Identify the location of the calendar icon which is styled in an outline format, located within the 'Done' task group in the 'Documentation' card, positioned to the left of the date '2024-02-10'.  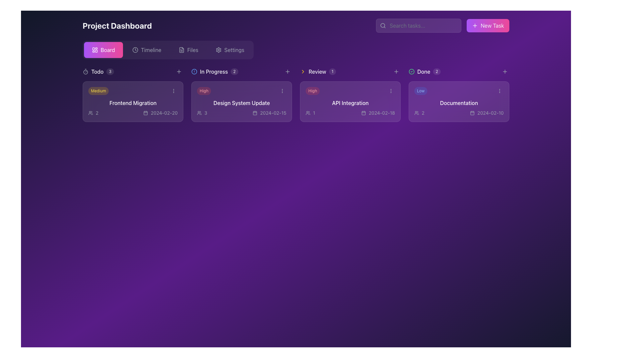
(472, 113).